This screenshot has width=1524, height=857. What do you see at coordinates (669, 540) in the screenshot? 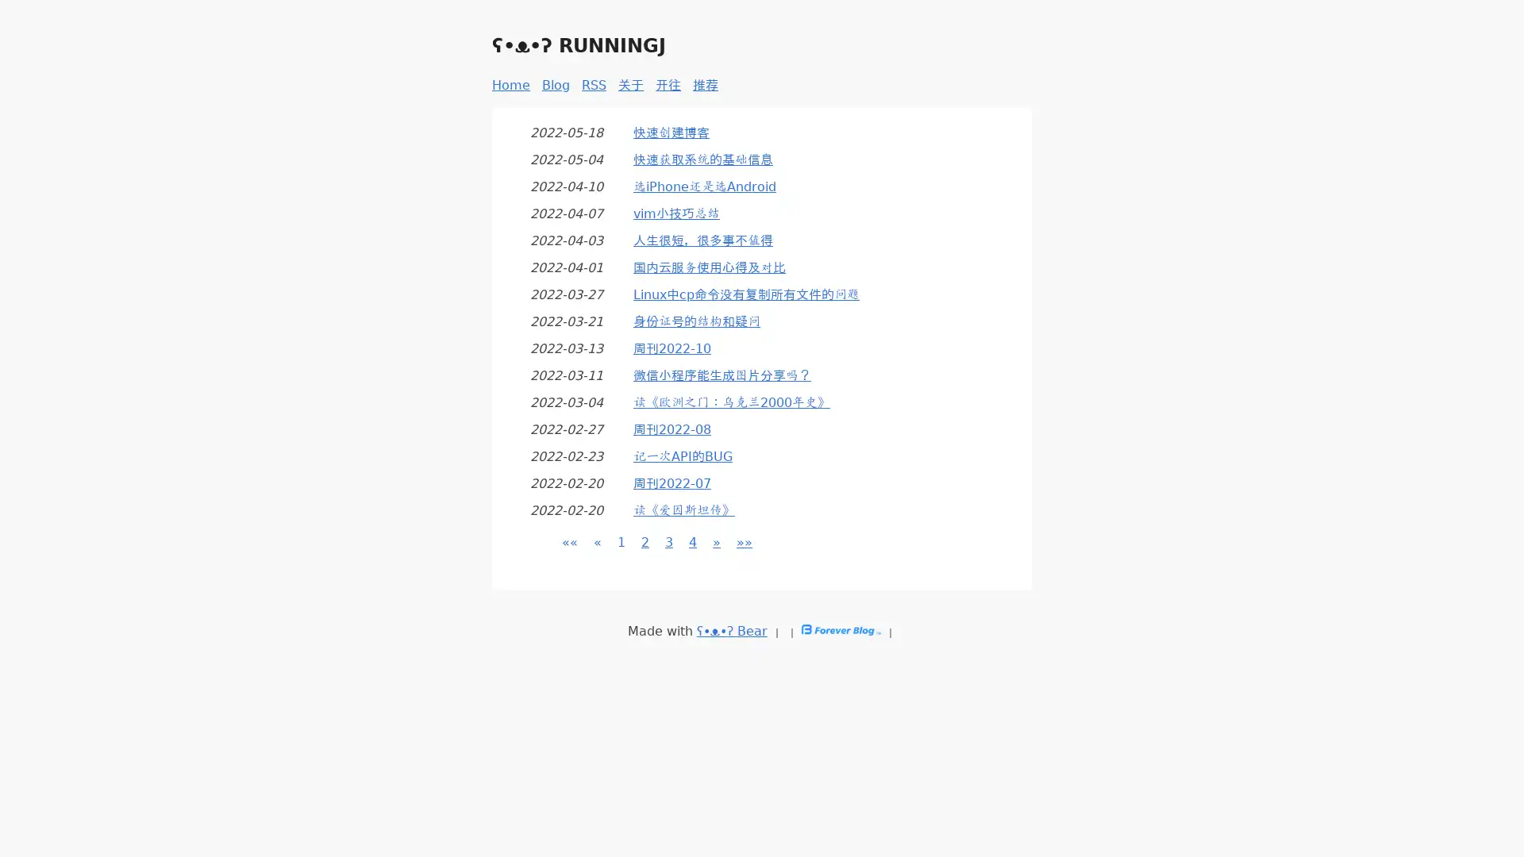
I see `Page 3` at bounding box center [669, 540].